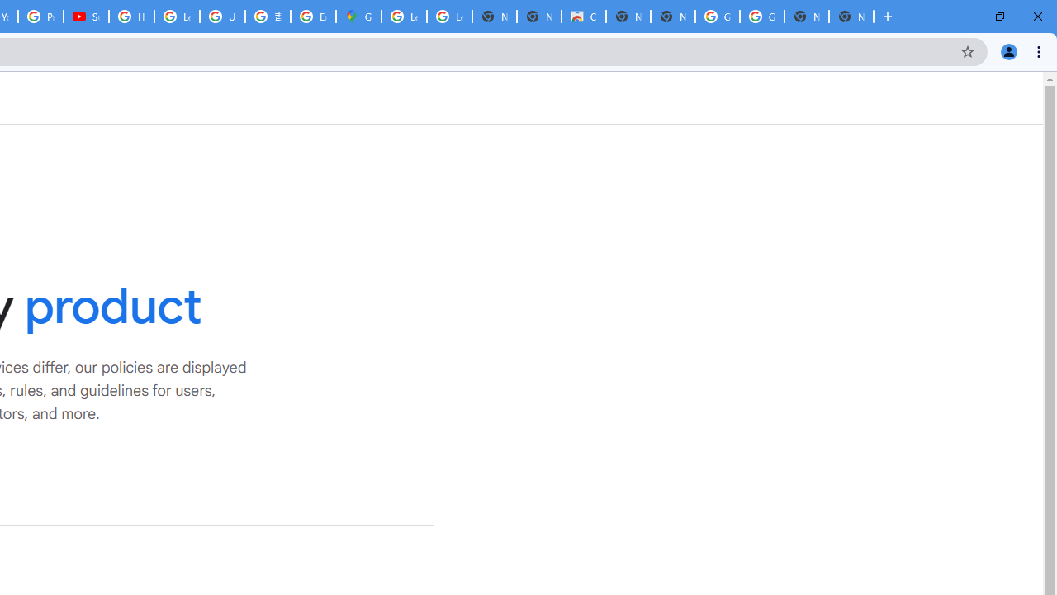 This screenshot has height=595, width=1057. Describe the element at coordinates (583, 17) in the screenshot. I see `'Chrome Web Store'` at that location.